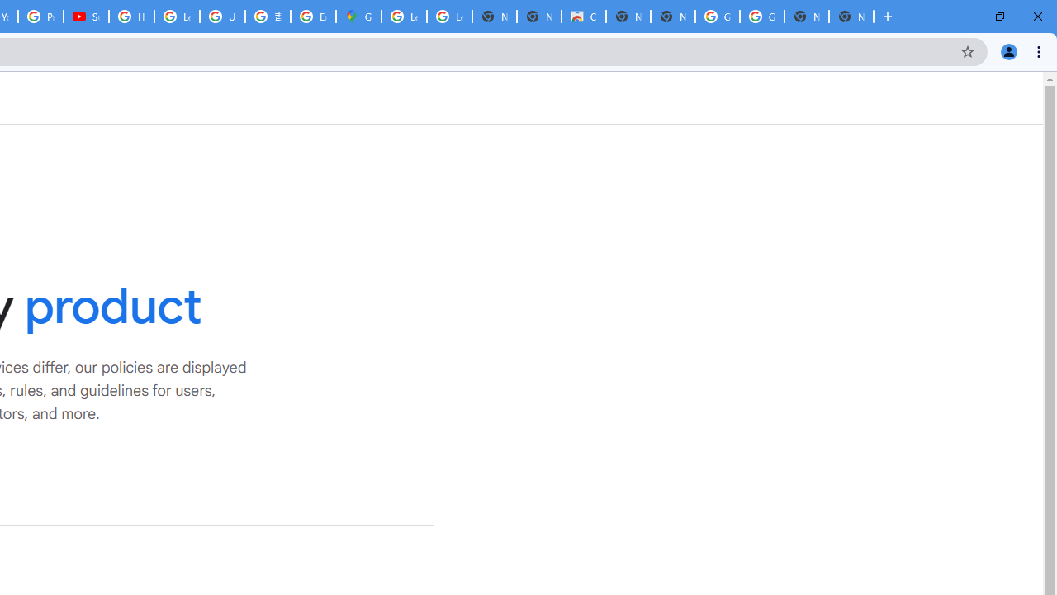 This screenshot has height=595, width=1057. Describe the element at coordinates (583, 17) in the screenshot. I see `'Chrome Web Store'` at that location.